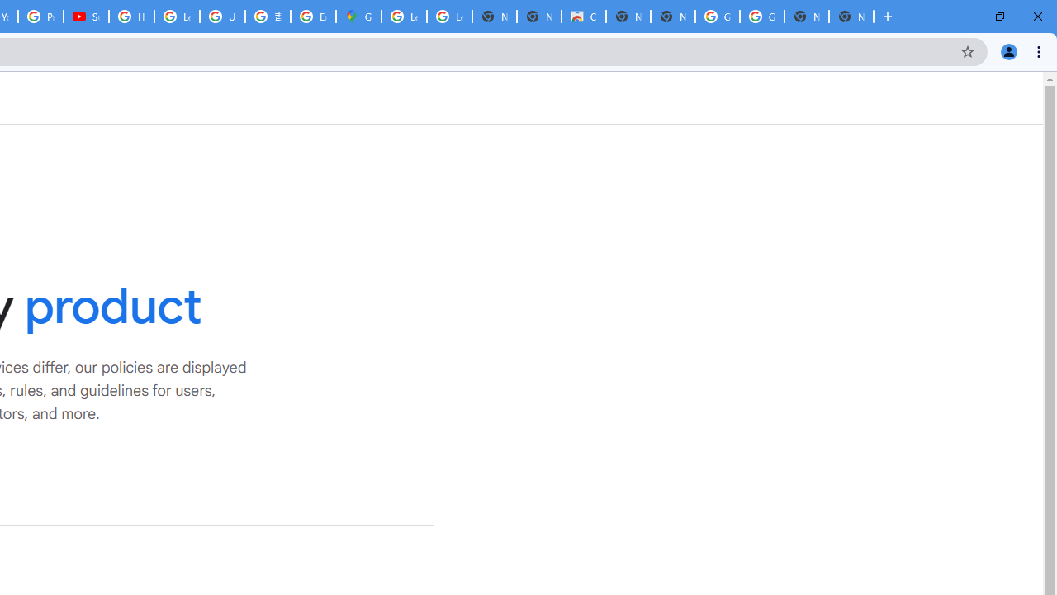 This screenshot has height=595, width=1057. Describe the element at coordinates (583, 17) in the screenshot. I see `'Chrome Web Store'` at that location.